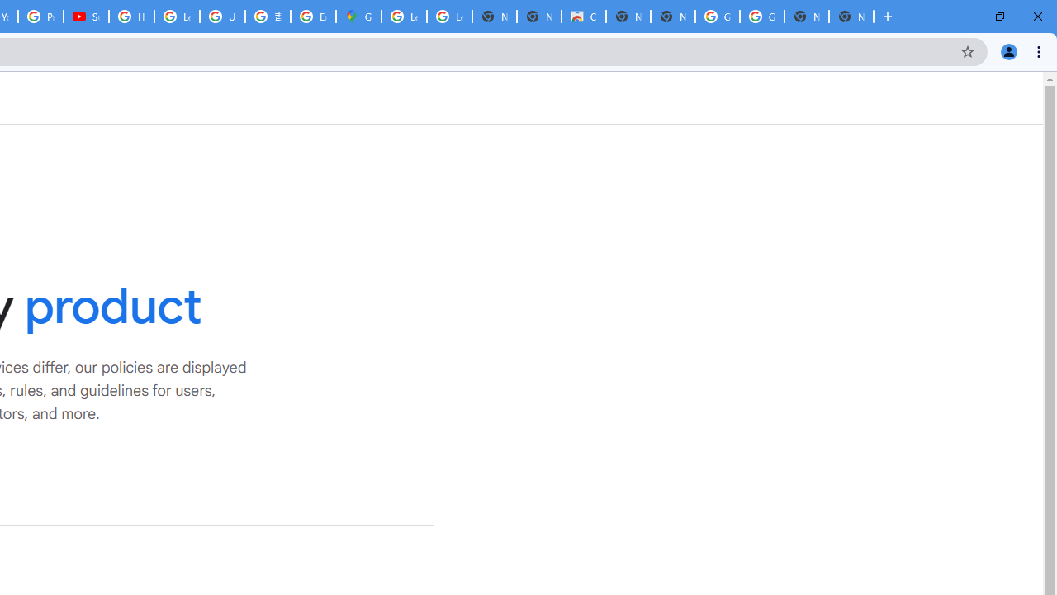 This screenshot has height=595, width=1057. Describe the element at coordinates (583, 17) in the screenshot. I see `'Chrome Web Store'` at that location.